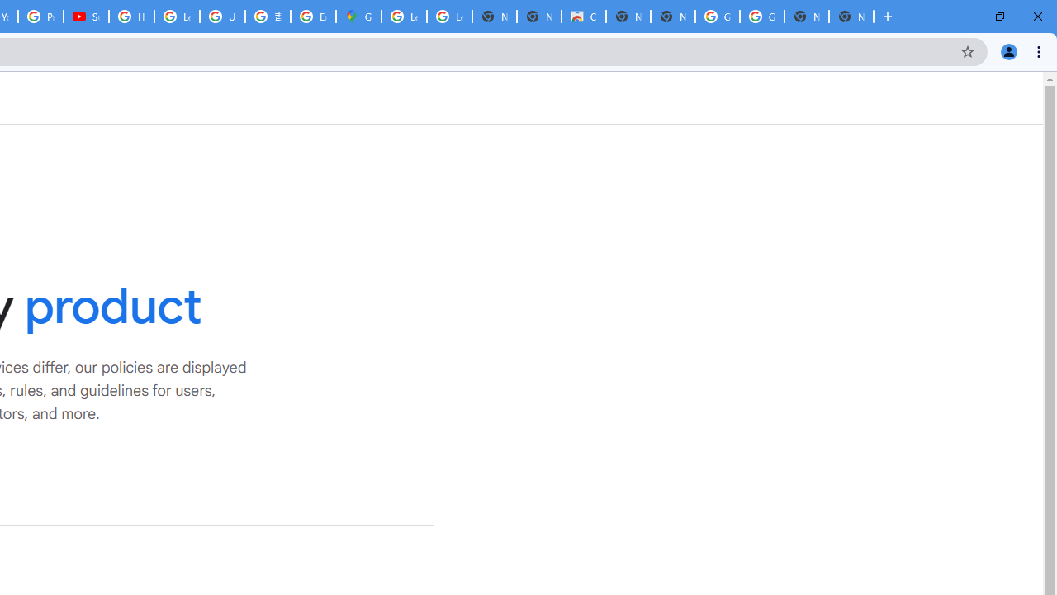 This screenshot has height=595, width=1057. Describe the element at coordinates (583, 17) in the screenshot. I see `'Chrome Web Store'` at that location.